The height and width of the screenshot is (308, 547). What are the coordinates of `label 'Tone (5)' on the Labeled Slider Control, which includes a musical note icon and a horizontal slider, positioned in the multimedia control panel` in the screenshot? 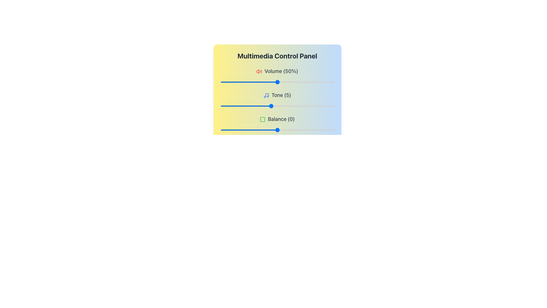 It's located at (277, 100).